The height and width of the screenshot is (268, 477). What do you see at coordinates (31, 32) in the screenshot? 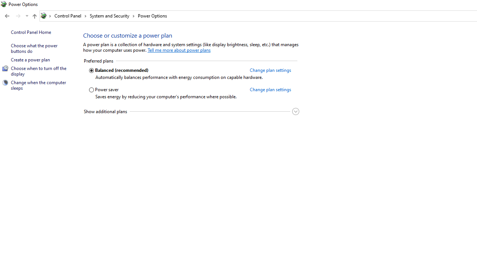
I see `'Control Panel Home'` at bounding box center [31, 32].